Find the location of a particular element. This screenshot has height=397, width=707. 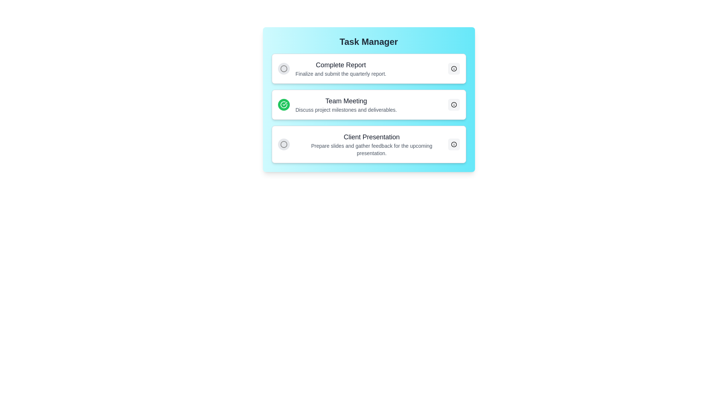

the first interactive information card in the Task Manager is located at coordinates (369, 68).